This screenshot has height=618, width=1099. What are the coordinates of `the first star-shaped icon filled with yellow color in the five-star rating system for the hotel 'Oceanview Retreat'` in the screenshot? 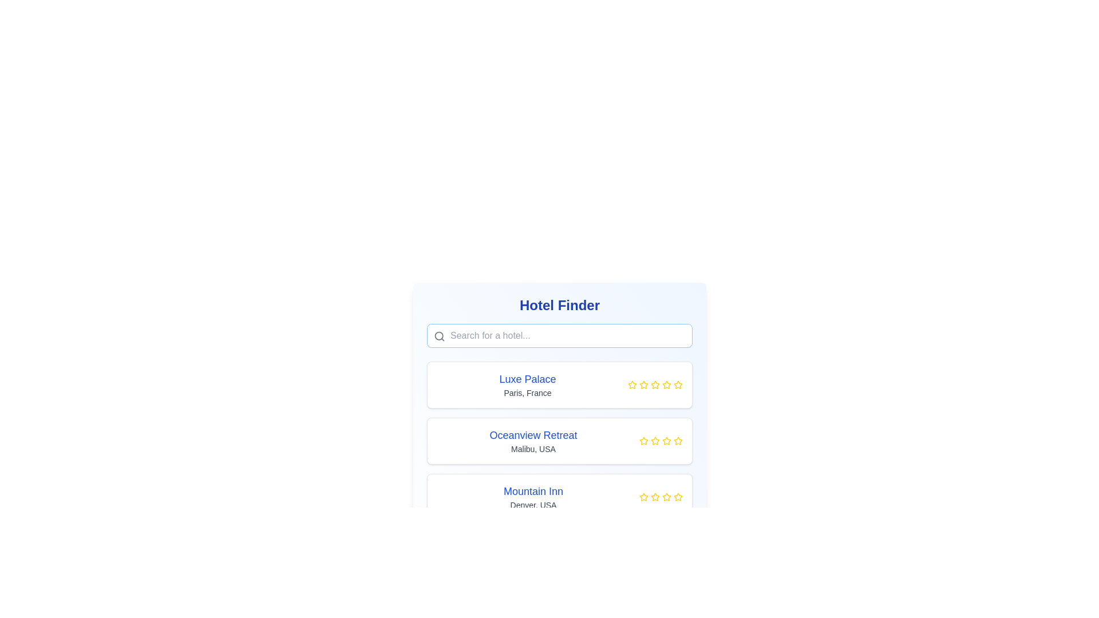 It's located at (643, 441).